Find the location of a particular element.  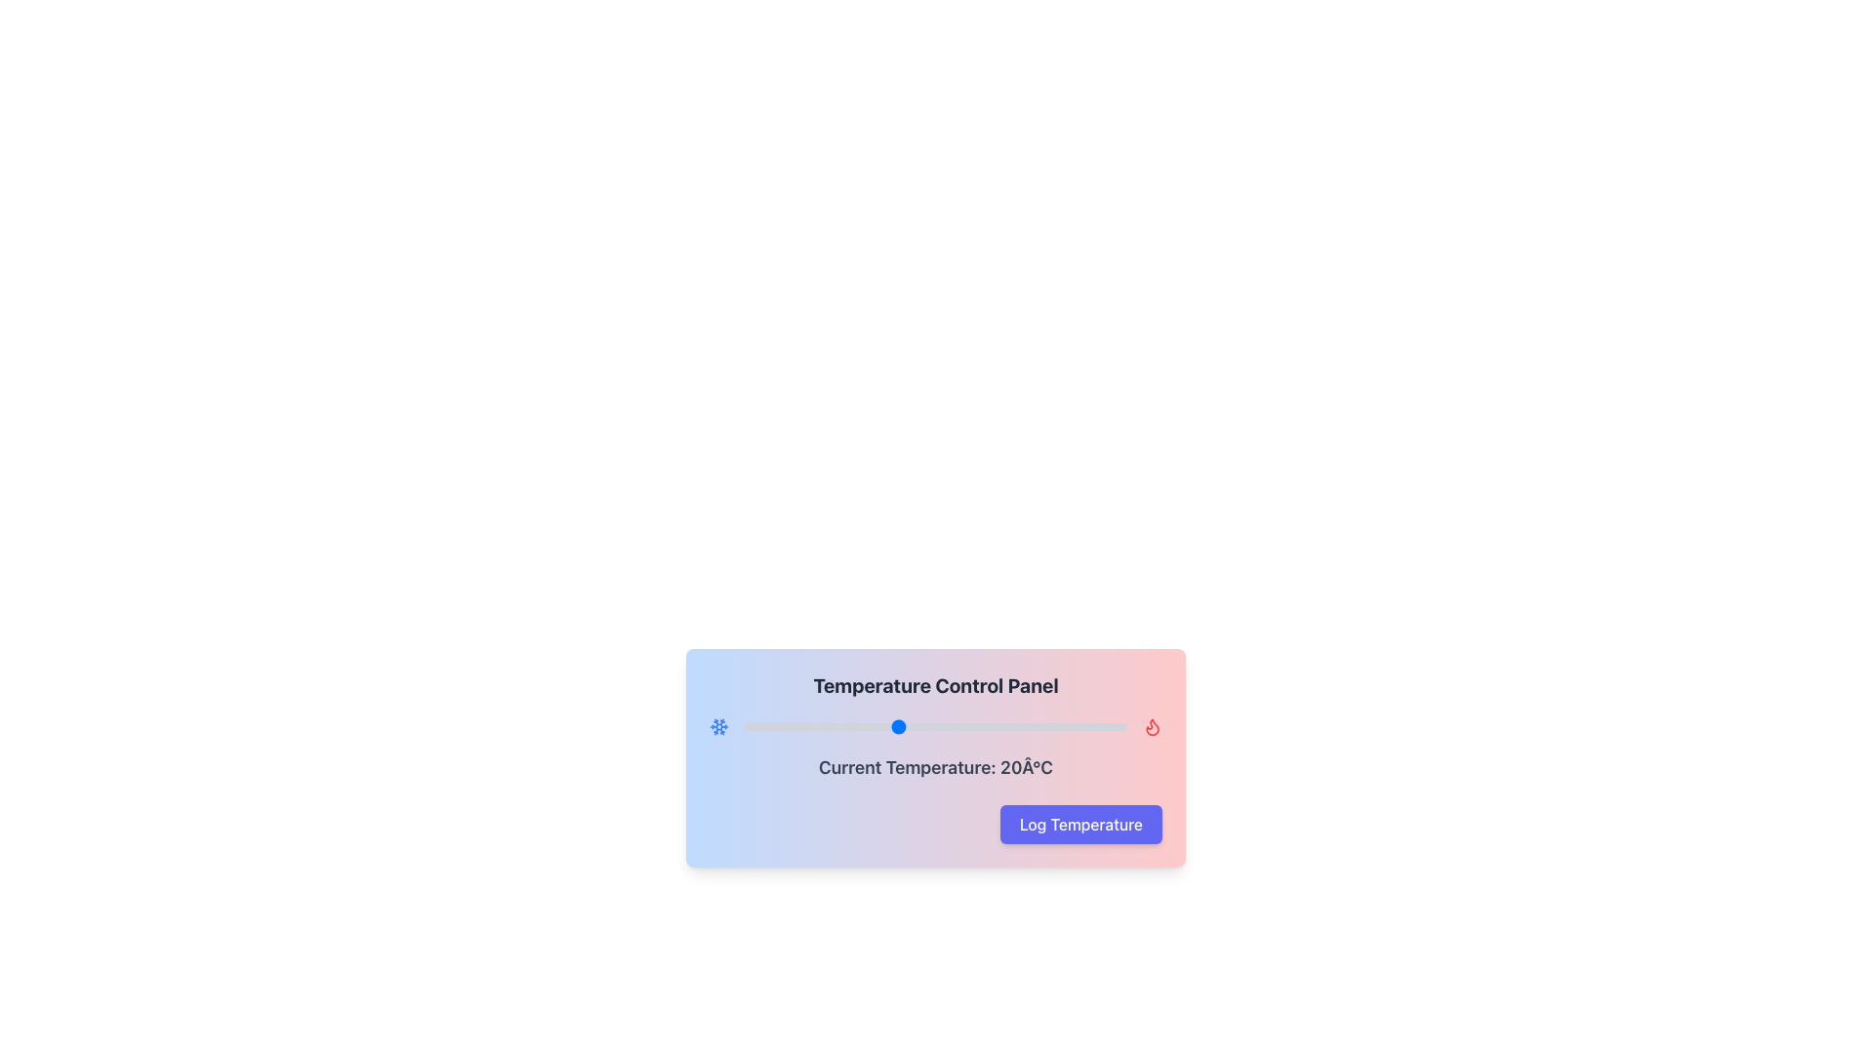

the flame-shaped red outlined icon located at the top-right corner of the Temperature Control Panel, adjacent to the slider track is located at coordinates (1152, 727).